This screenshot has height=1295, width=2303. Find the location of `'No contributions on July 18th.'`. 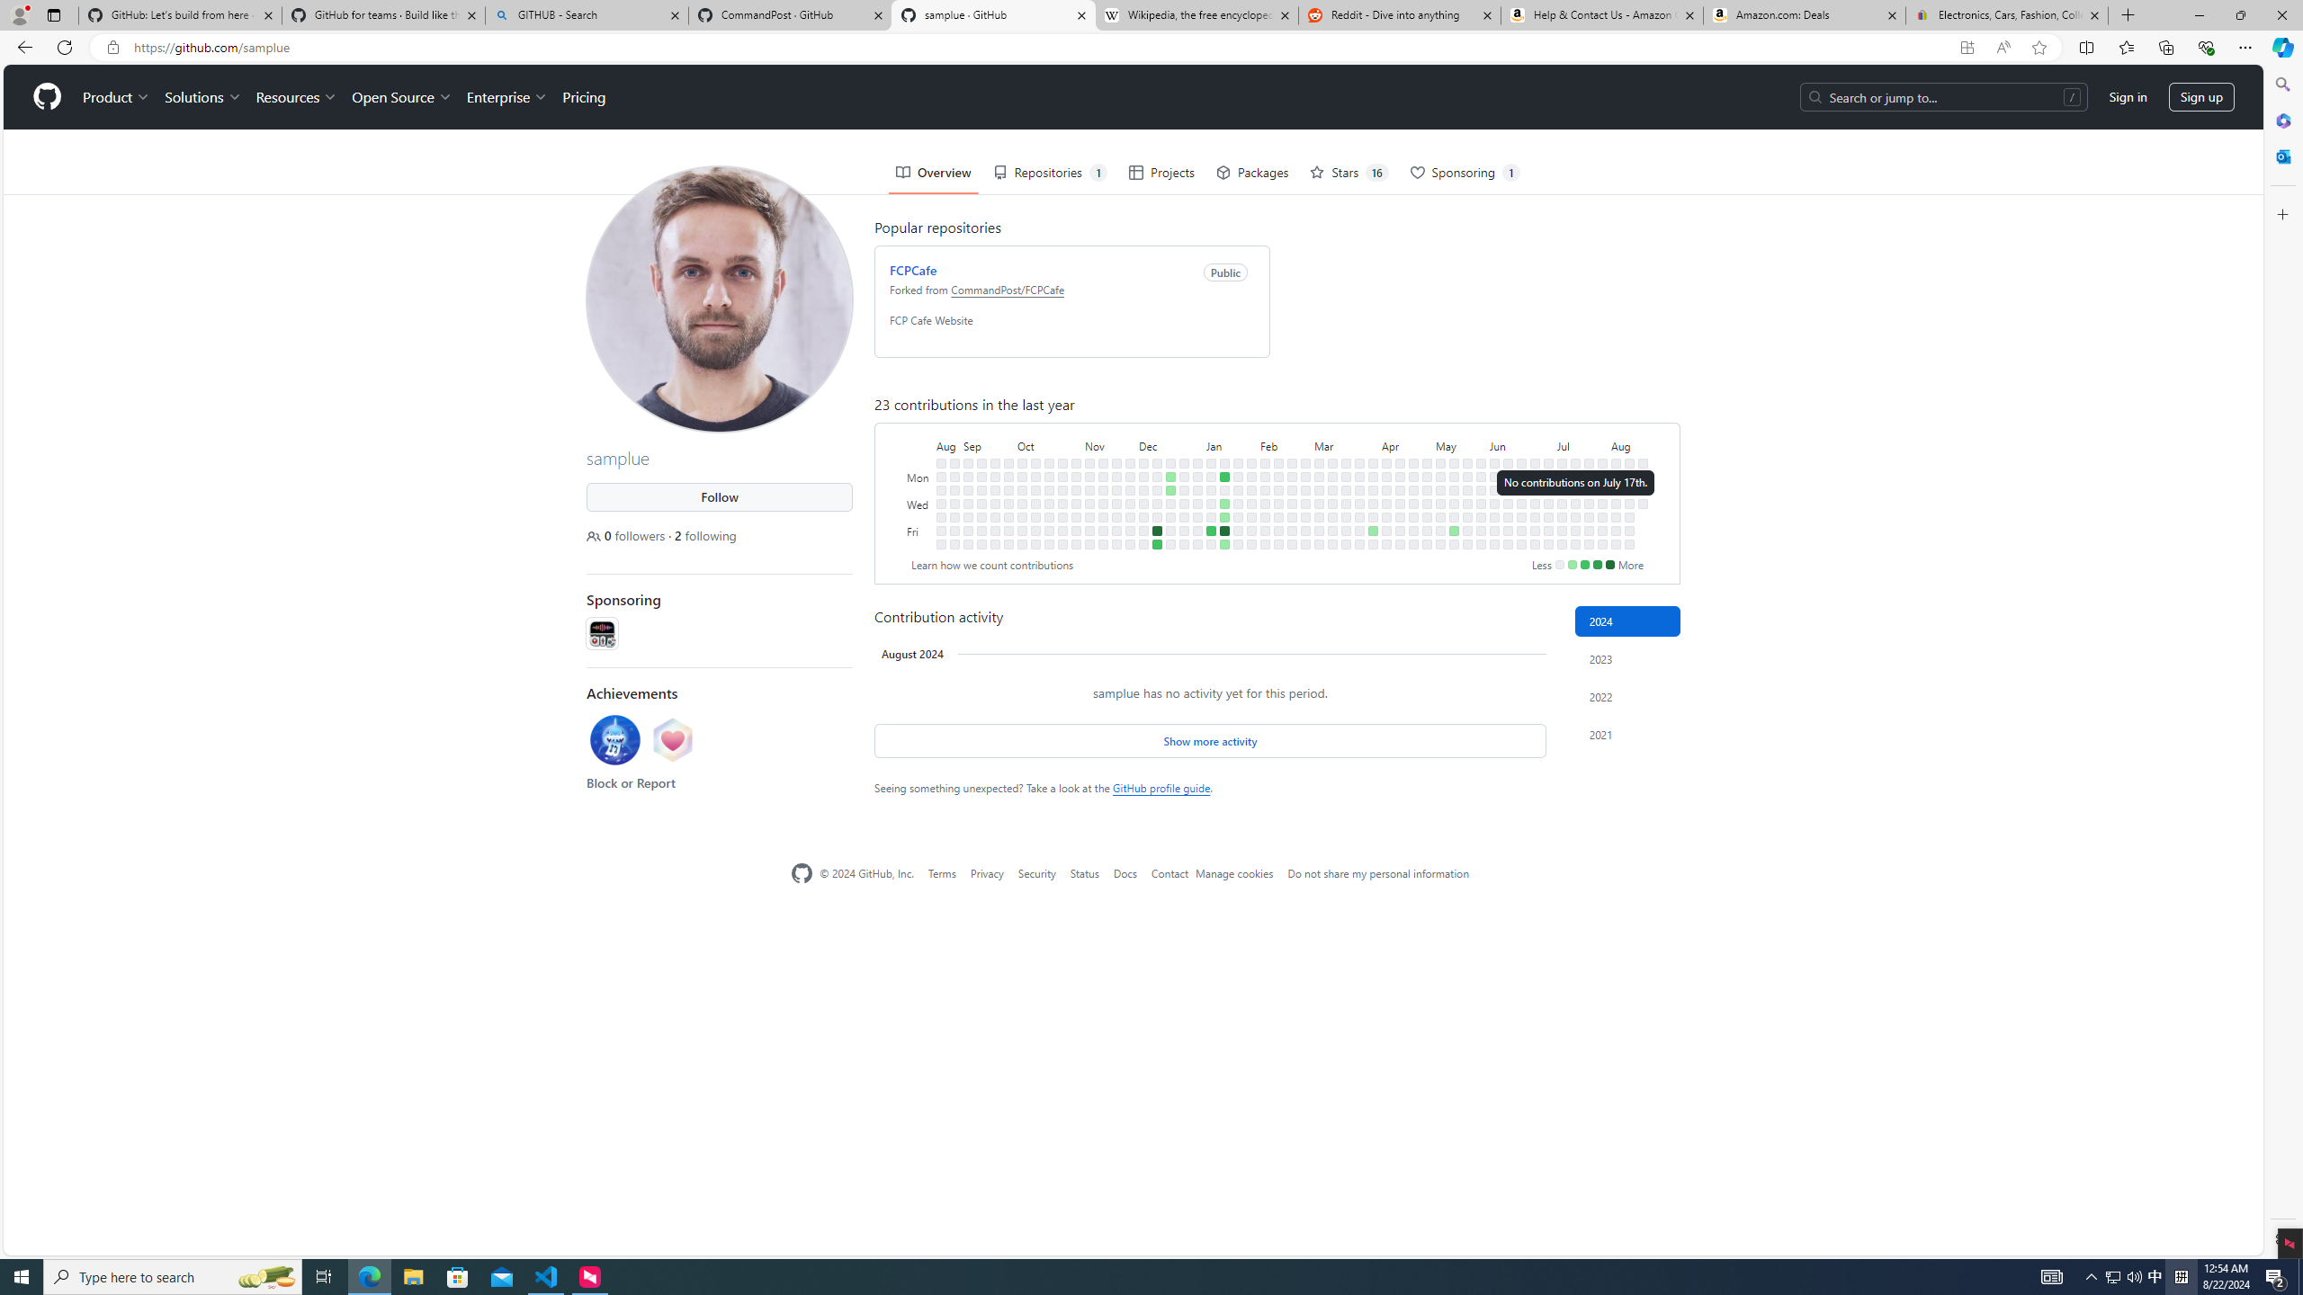

'No contributions on July 18th.' is located at coordinates (1574, 516).